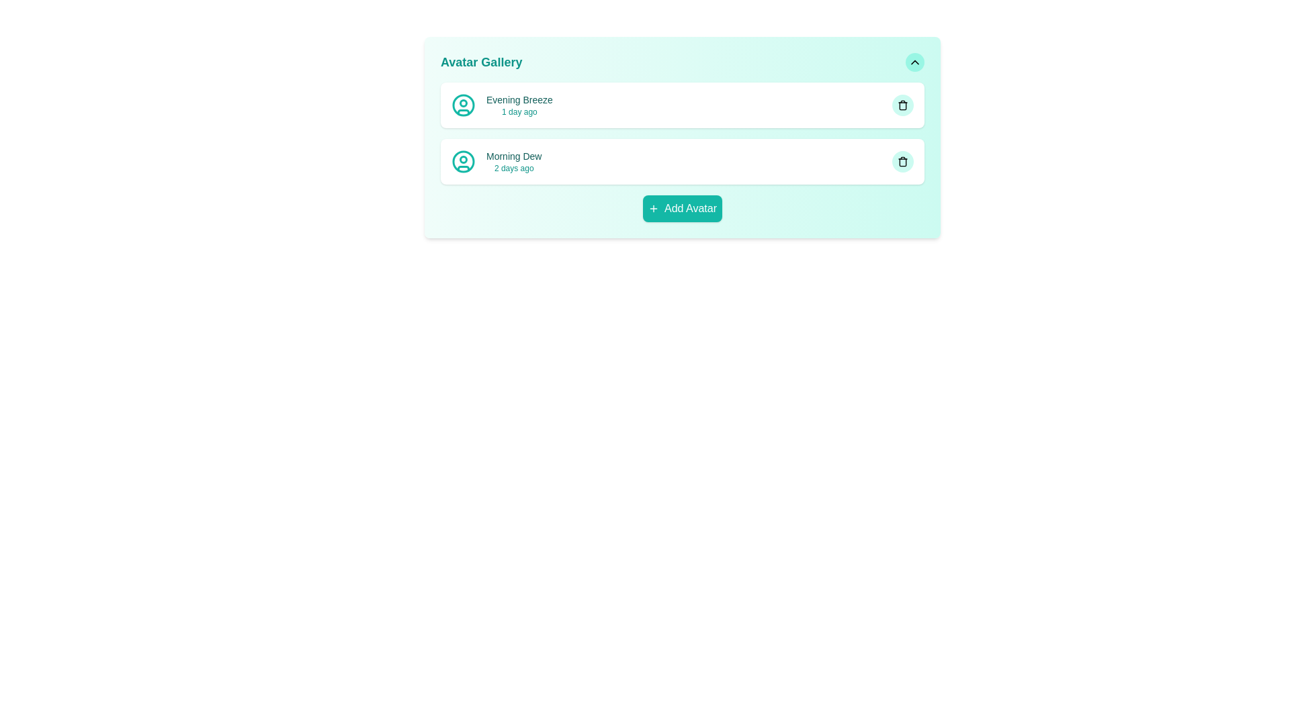 This screenshot has height=725, width=1290. Describe the element at coordinates (513, 155) in the screenshot. I see `the text label representing an entry in the 'Avatar Gallery', located under the second list item near the left side of the item containing an icon and a timestamp` at that location.